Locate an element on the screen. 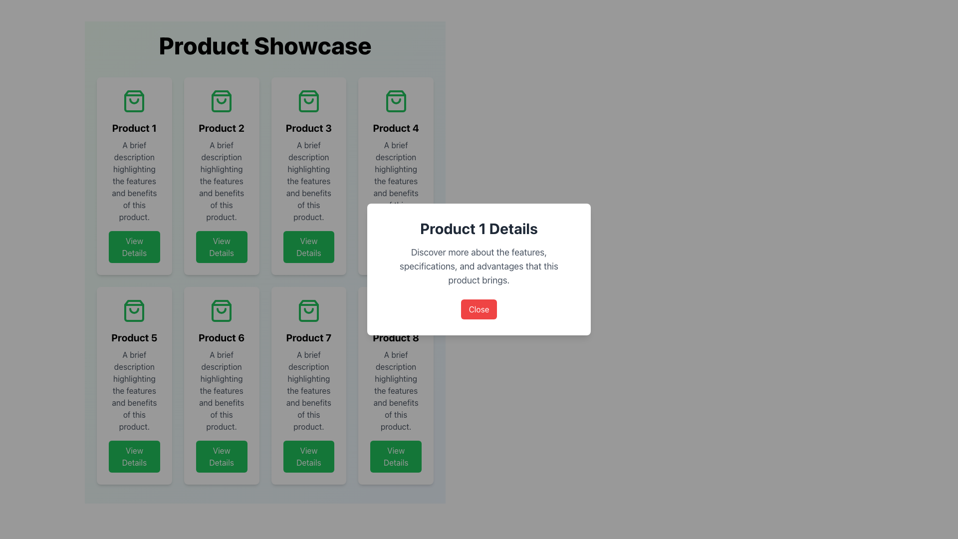 The width and height of the screenshot is (958, 539). the 'Close' button with bold white text on a red background located at the bottom edge of the modal window is located at coordinates (479, 309).